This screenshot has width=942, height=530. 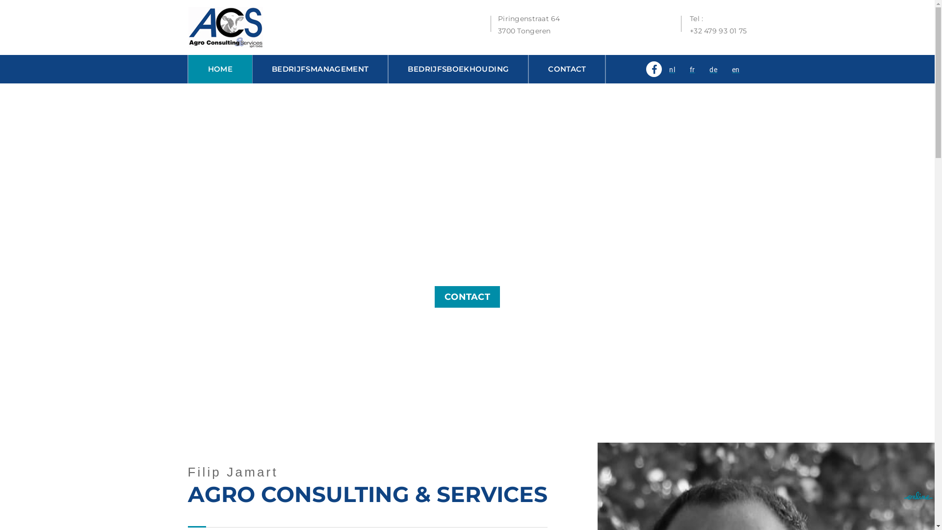 I want to click on 'HOME', so click(x=220, y=69).